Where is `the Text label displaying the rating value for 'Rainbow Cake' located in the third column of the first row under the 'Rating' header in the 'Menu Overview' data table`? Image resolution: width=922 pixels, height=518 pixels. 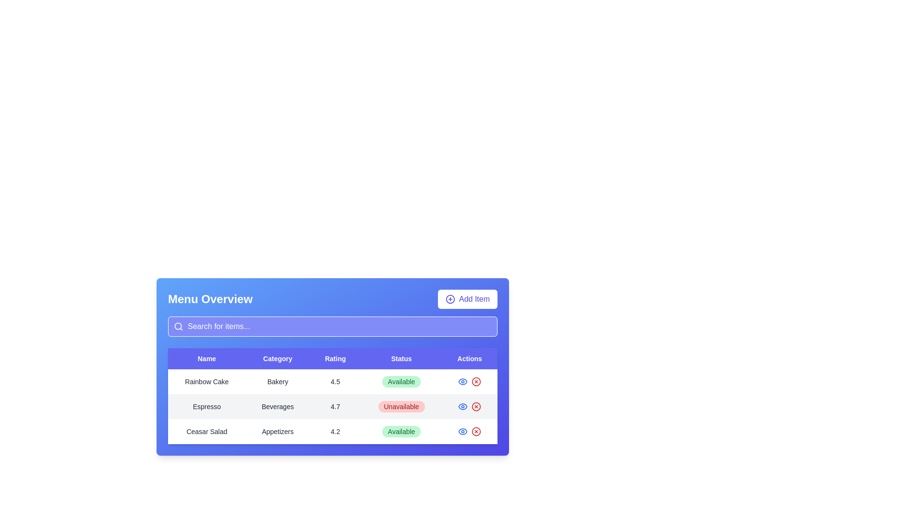
the Text label displaying the rating value for 'Rainbow Cake' located in the third column of the first row under the 'Rating' header in the 'Menu Overview' data table is located at coordinates (335, 381).